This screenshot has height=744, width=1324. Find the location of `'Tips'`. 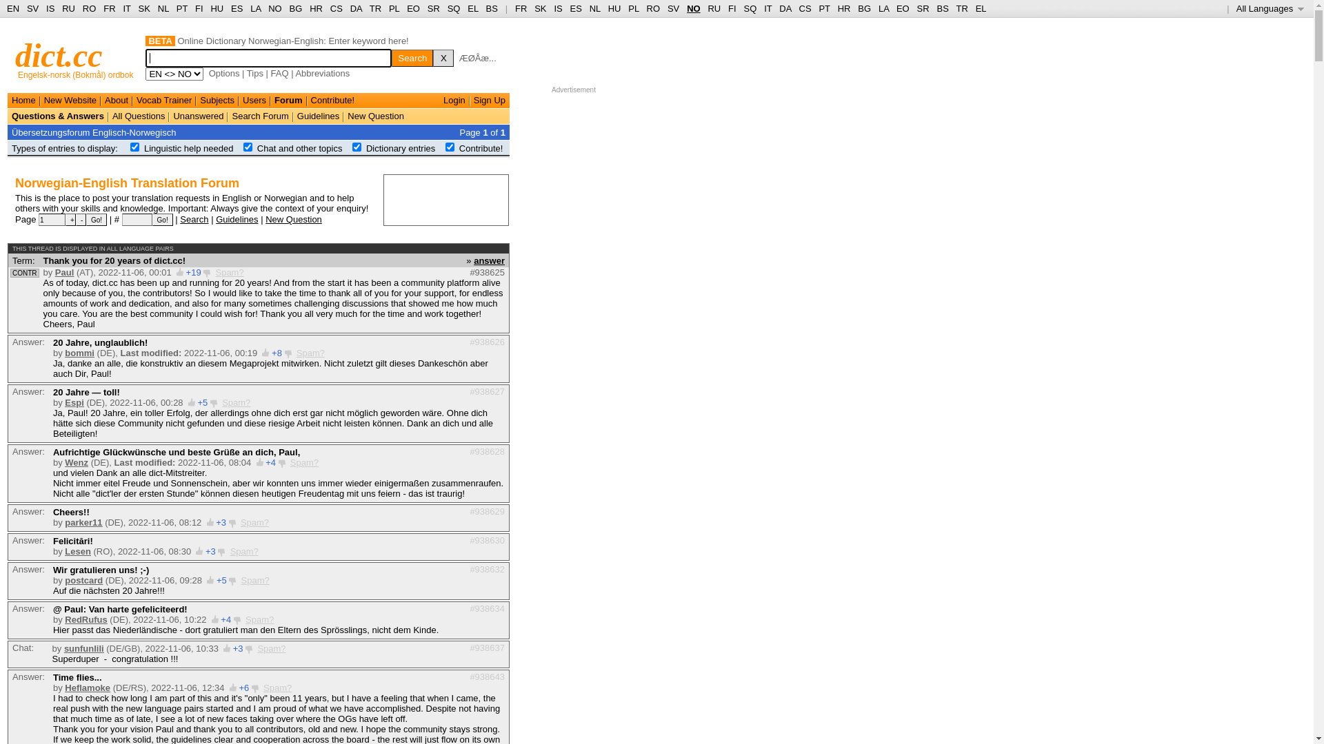

'Tips' is located at coordinates (254, 73).